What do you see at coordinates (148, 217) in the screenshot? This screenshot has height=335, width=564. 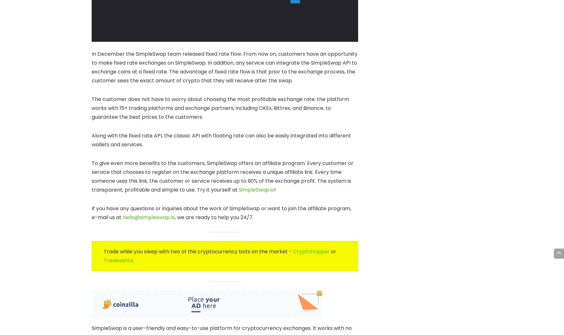 I see `'hello@simpleswap.io'` at bounding box center [148, 217].